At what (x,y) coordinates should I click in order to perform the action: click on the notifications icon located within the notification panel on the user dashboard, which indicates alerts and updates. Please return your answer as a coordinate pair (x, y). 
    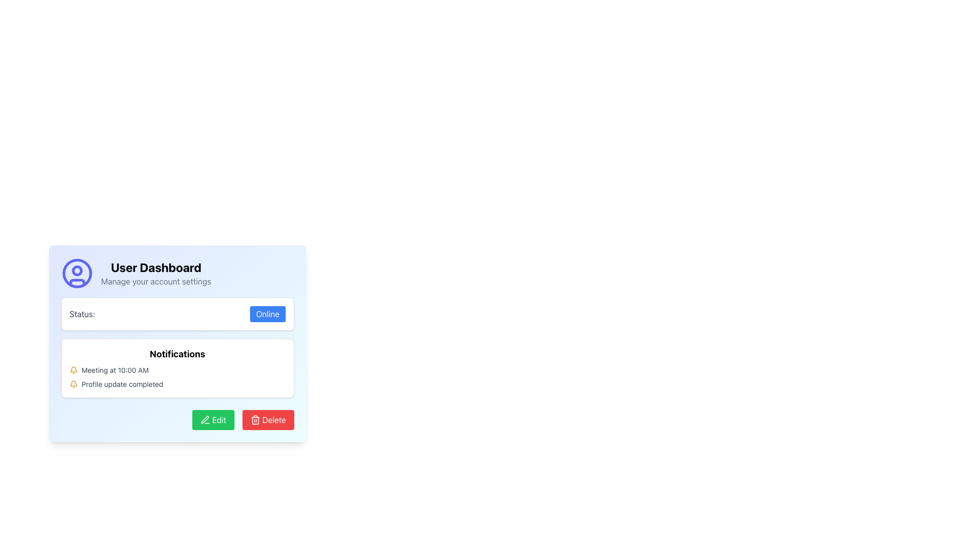
    Looking at the image, I should click on (73, 383).